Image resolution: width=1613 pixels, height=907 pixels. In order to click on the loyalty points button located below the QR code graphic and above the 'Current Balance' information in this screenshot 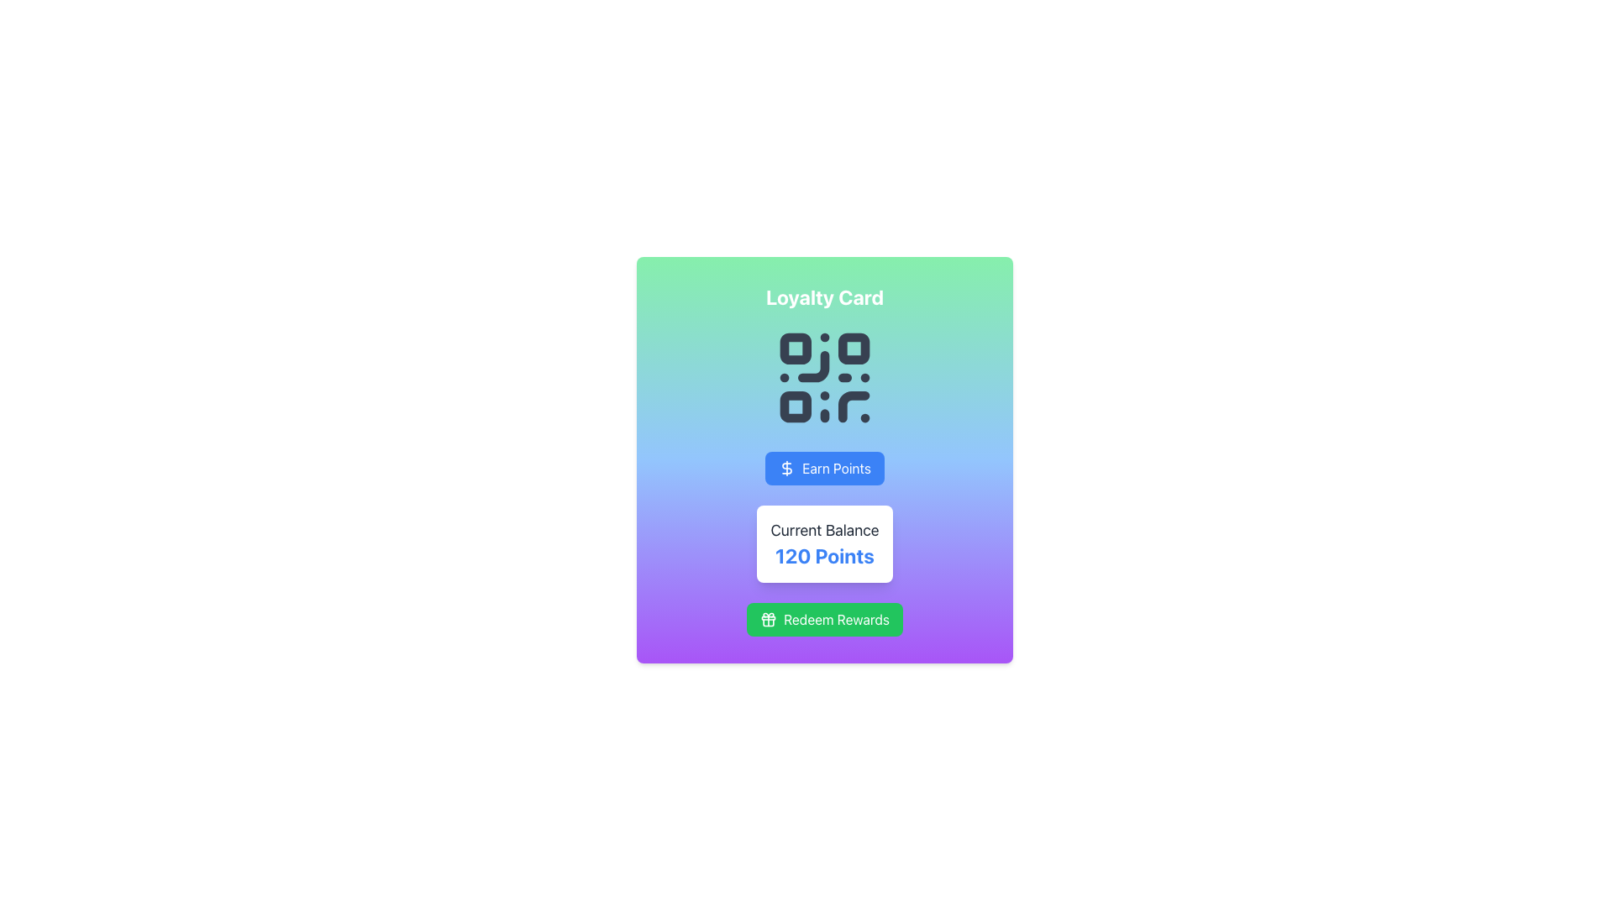, I will do `click(825, 459)`.